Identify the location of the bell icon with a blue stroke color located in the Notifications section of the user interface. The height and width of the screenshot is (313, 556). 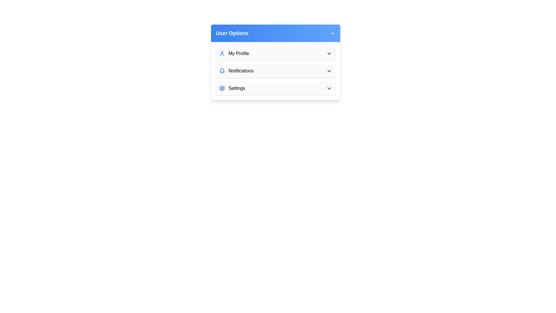
(222, 71).